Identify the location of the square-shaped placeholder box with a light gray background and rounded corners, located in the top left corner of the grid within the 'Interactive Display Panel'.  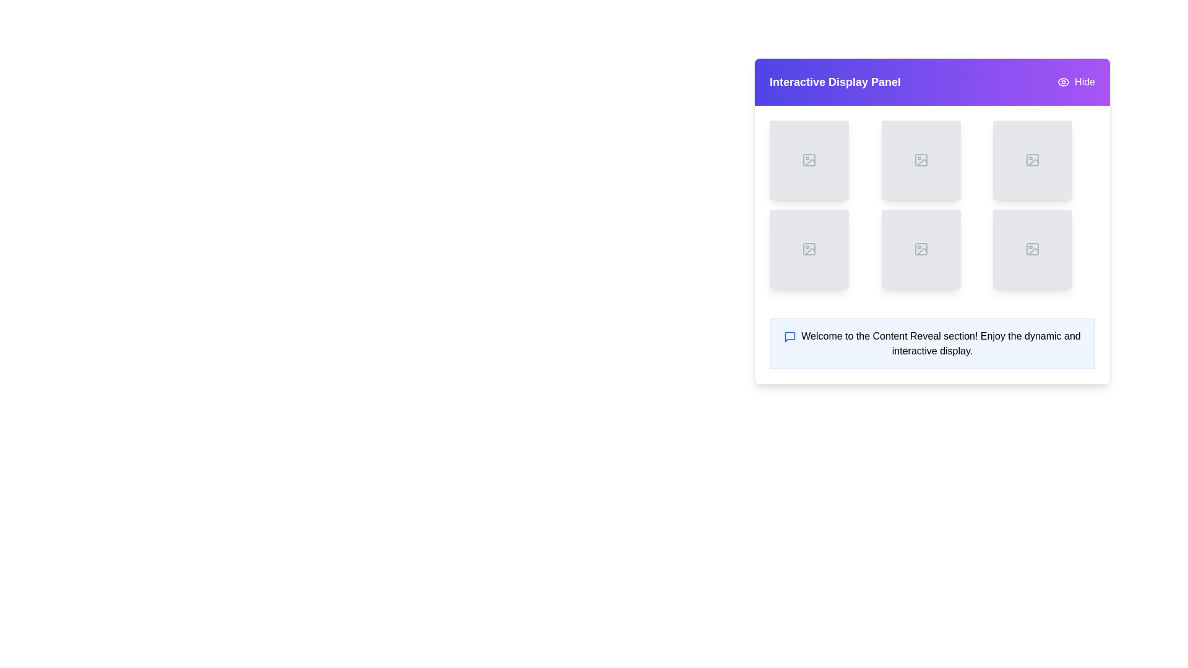
(809, 159).